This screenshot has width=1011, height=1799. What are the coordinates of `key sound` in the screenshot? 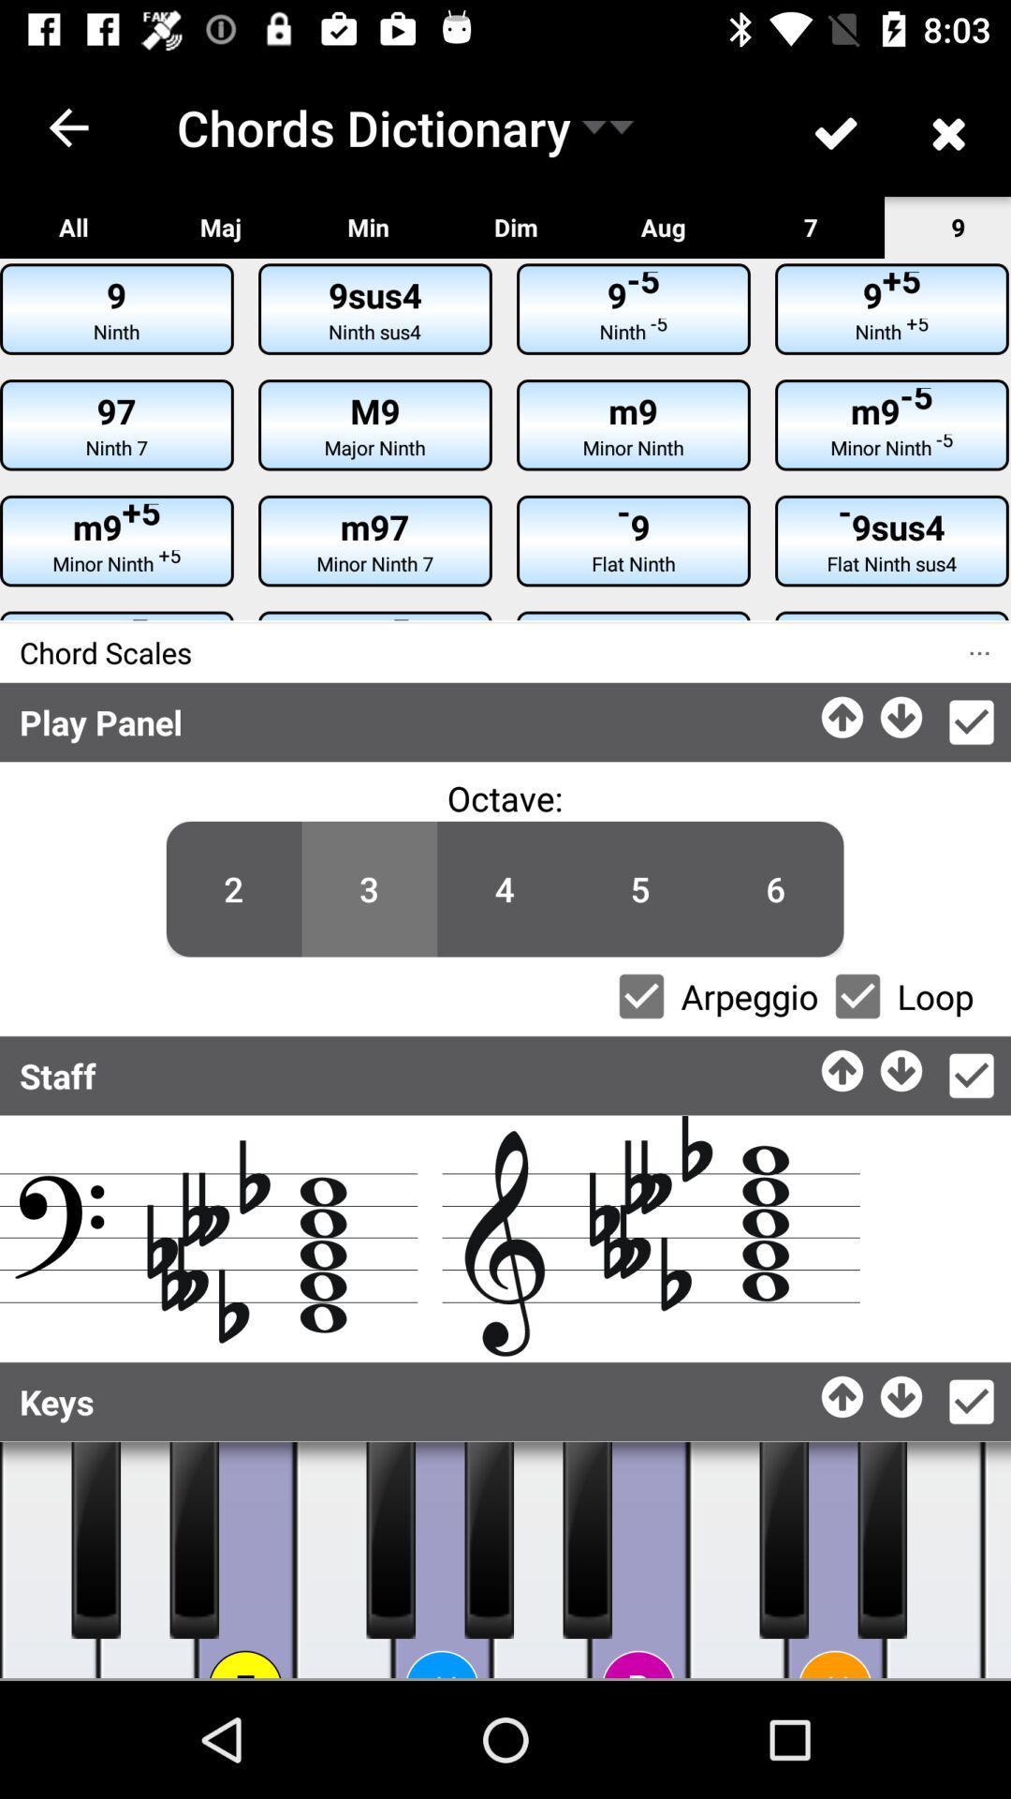 It's located at (637, 1560).